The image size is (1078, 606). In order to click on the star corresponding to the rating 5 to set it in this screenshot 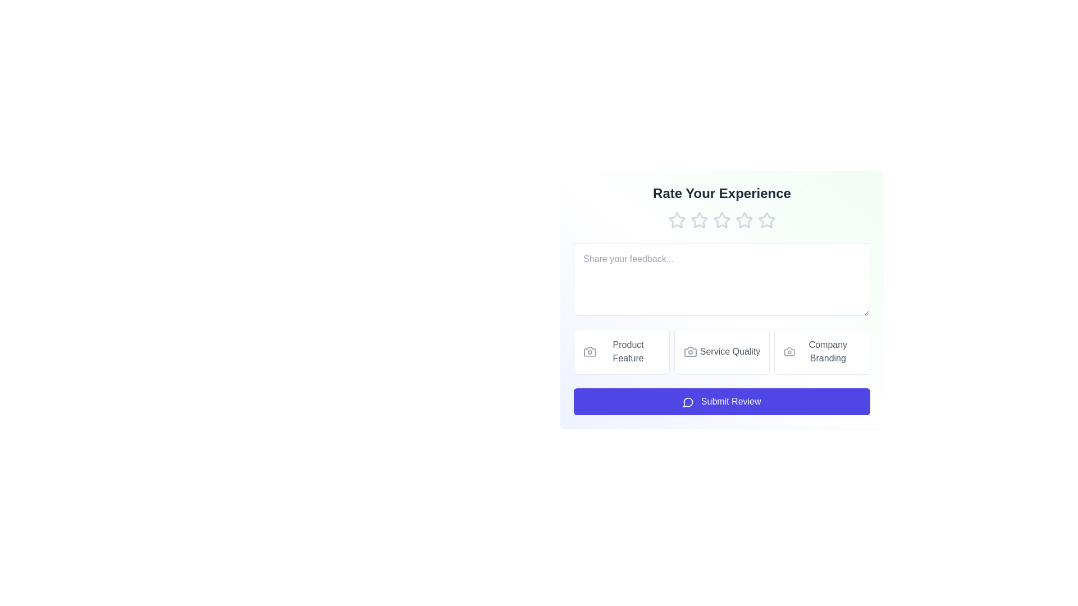, I will do `click(766, 221)`.